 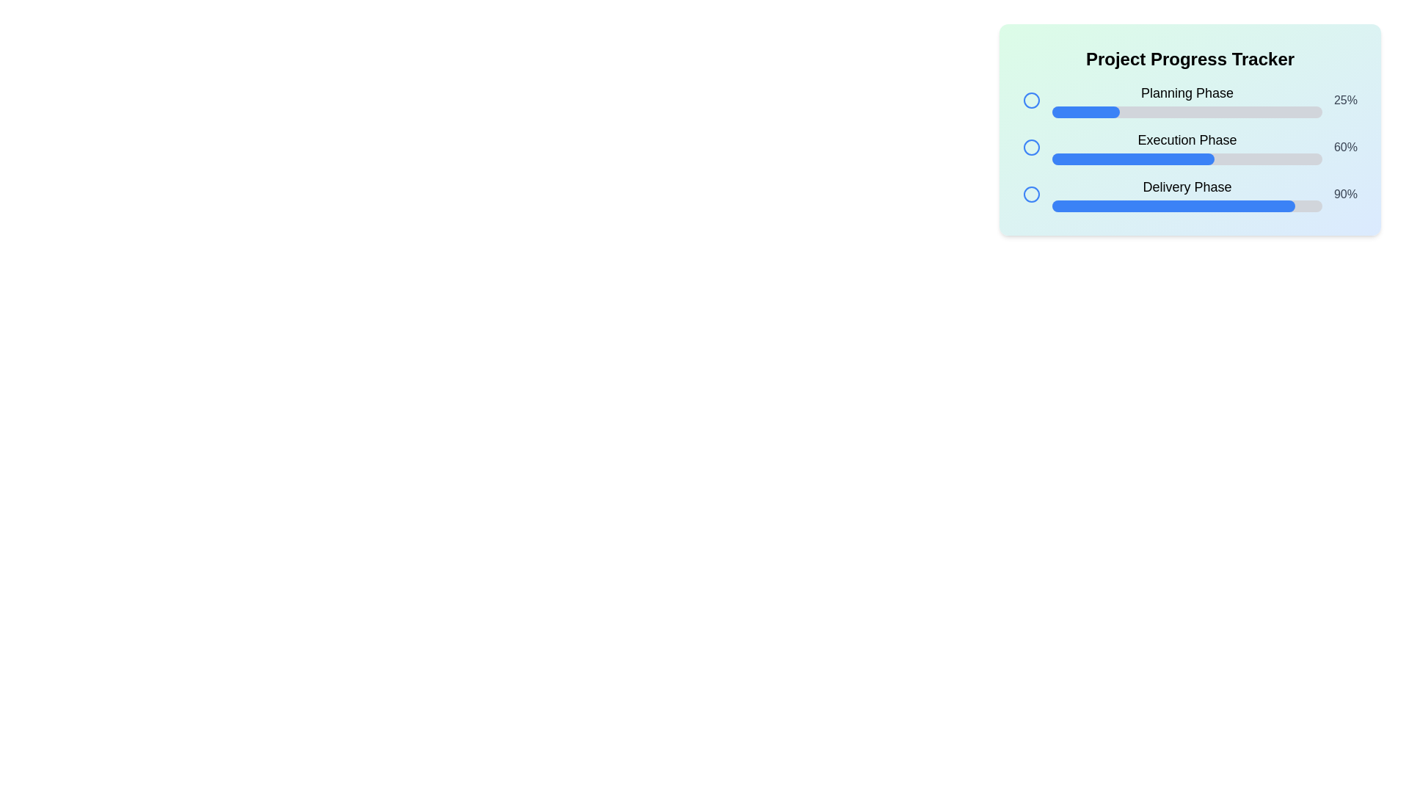 I want to click on the first radio button on the left-hand side of the delivery phase indicator, so click(x=1031, y=194).